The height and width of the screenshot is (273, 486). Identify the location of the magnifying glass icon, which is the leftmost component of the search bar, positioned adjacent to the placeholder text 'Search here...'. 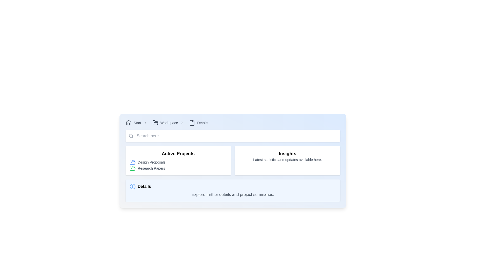
(131, 135).